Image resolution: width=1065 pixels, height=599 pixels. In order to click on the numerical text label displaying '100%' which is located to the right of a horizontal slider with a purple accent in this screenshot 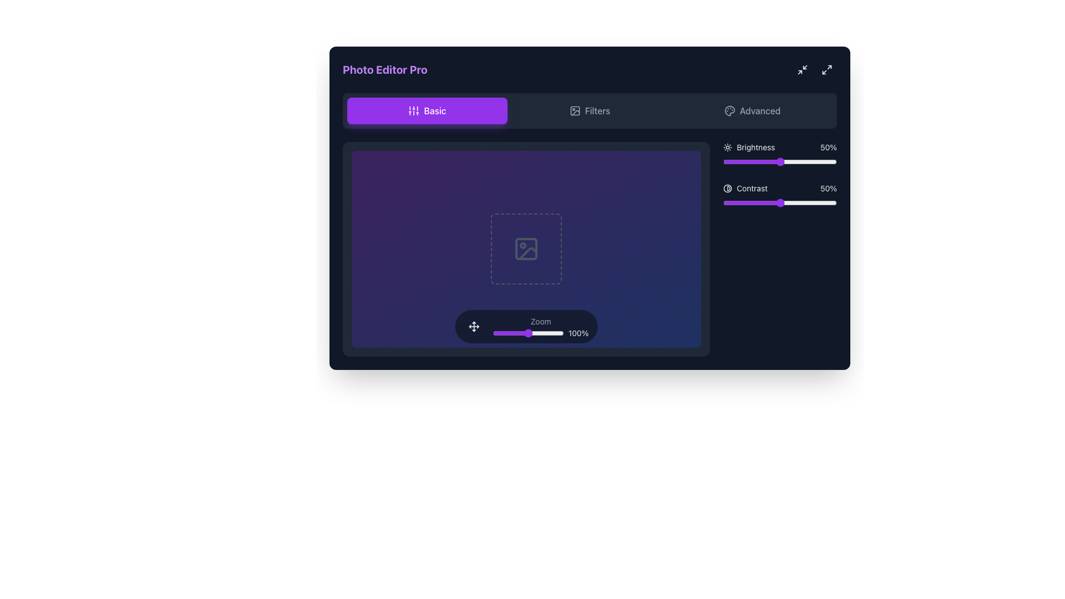, I will do `click(541, 332)`.